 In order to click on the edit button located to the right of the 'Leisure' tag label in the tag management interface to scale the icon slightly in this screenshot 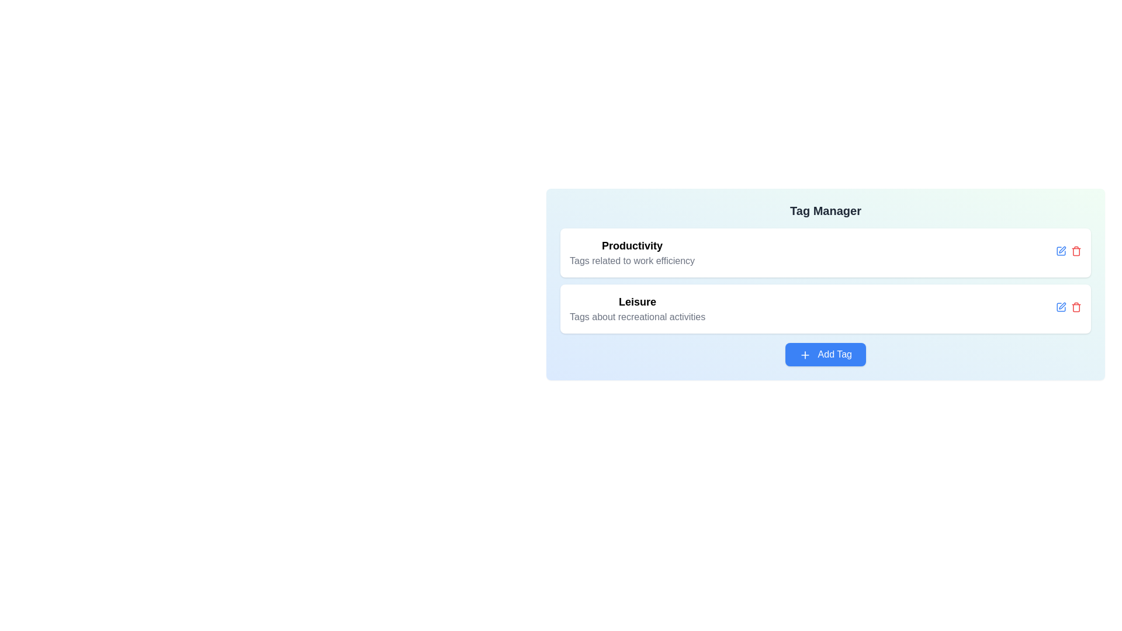, I will do `click(1061, 306)`.